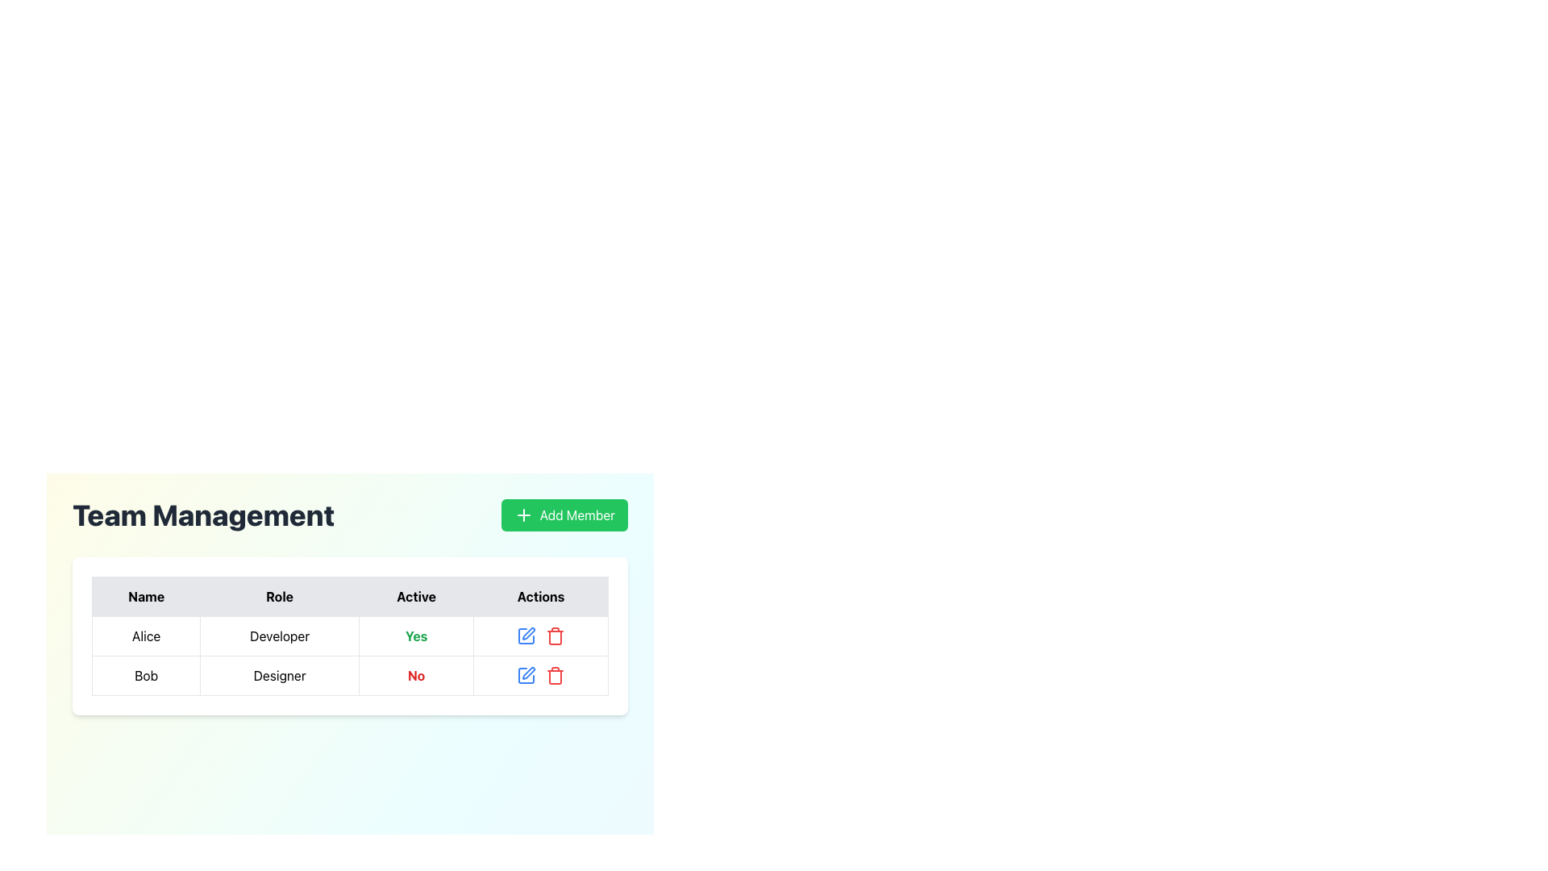 This screenshot has height=871, width=1548. What do you see at coordinates (416, 597) in the screenshot?
I see `the Table Header Cell displaying the text 'Active', which is bold and black on a light gray background, located in the third column of the header row` at bounding box center [416, 597].